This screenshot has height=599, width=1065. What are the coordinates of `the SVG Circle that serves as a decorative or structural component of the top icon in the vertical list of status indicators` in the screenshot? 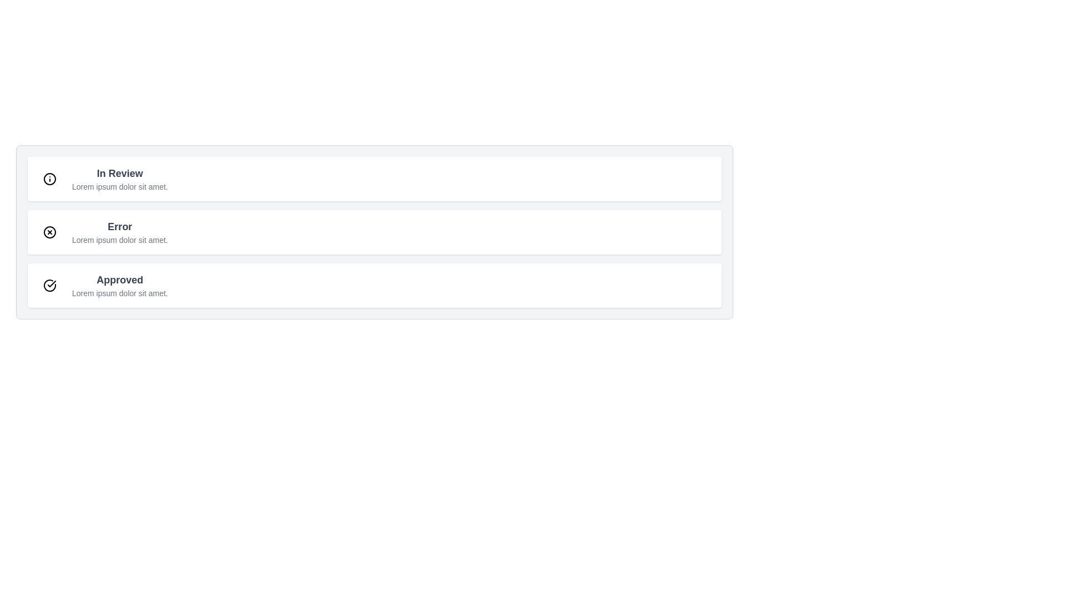 It's located at (49, 179).